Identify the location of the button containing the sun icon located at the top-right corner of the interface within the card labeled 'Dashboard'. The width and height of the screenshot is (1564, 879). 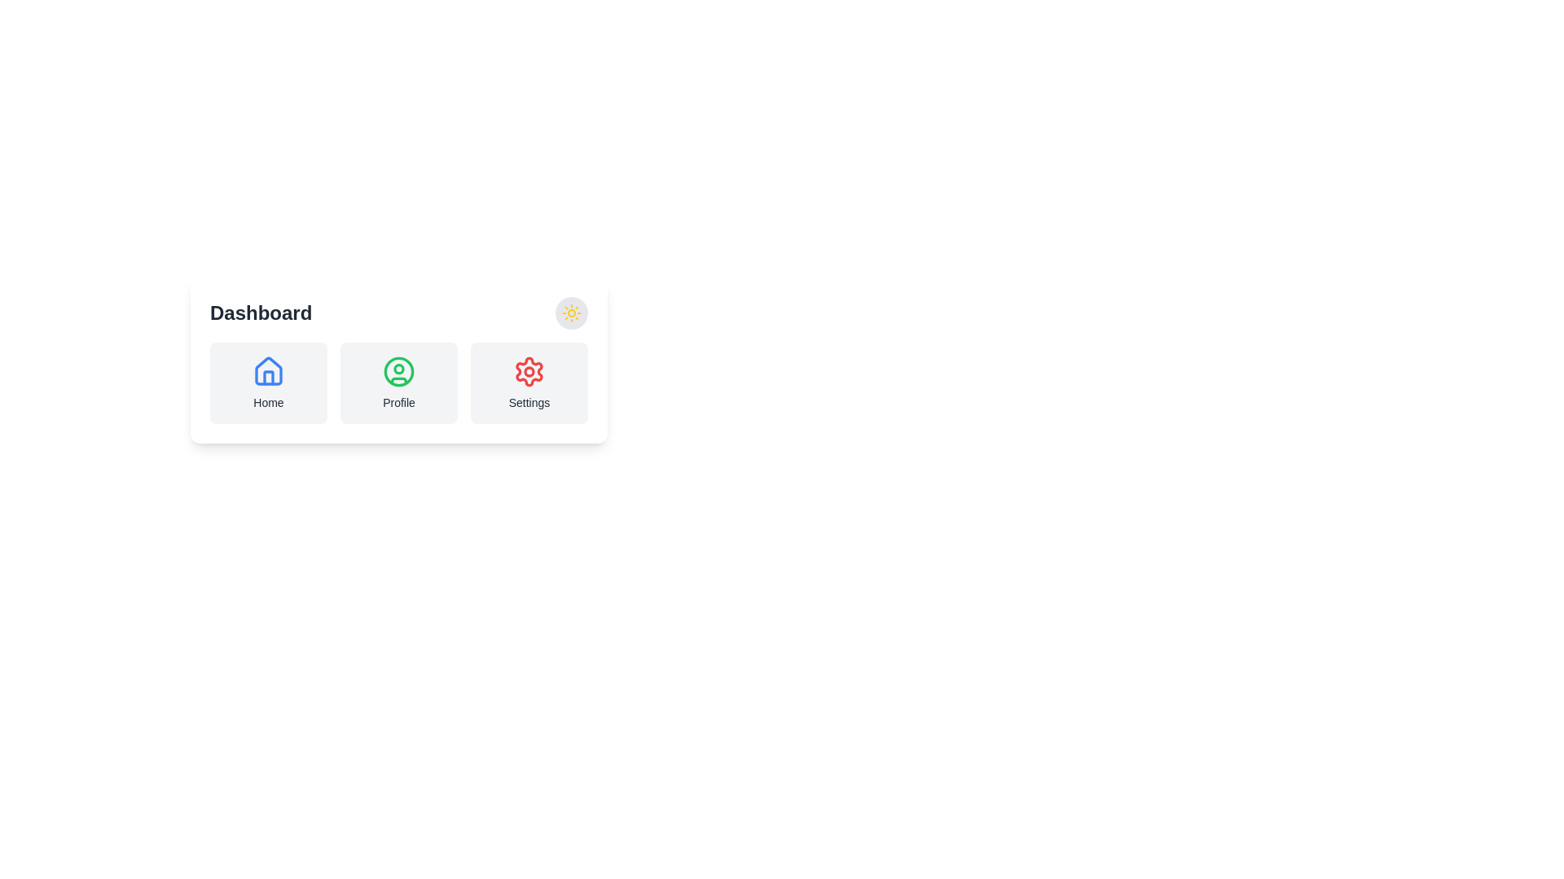
(571, 313).